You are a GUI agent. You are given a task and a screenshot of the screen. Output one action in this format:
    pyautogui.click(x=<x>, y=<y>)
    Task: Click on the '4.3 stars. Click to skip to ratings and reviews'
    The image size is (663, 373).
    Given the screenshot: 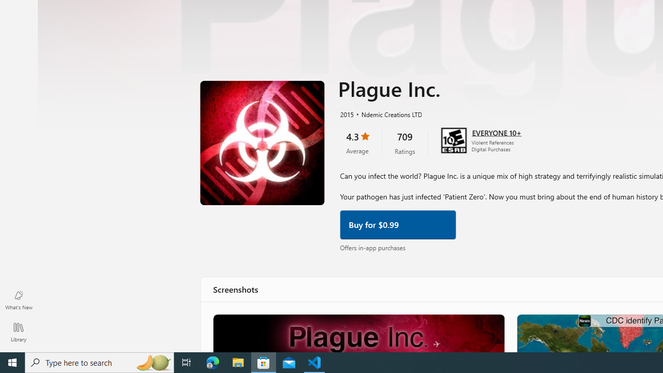 What is the action you would take?
    pyautogui.click(x=357, y=141)
    